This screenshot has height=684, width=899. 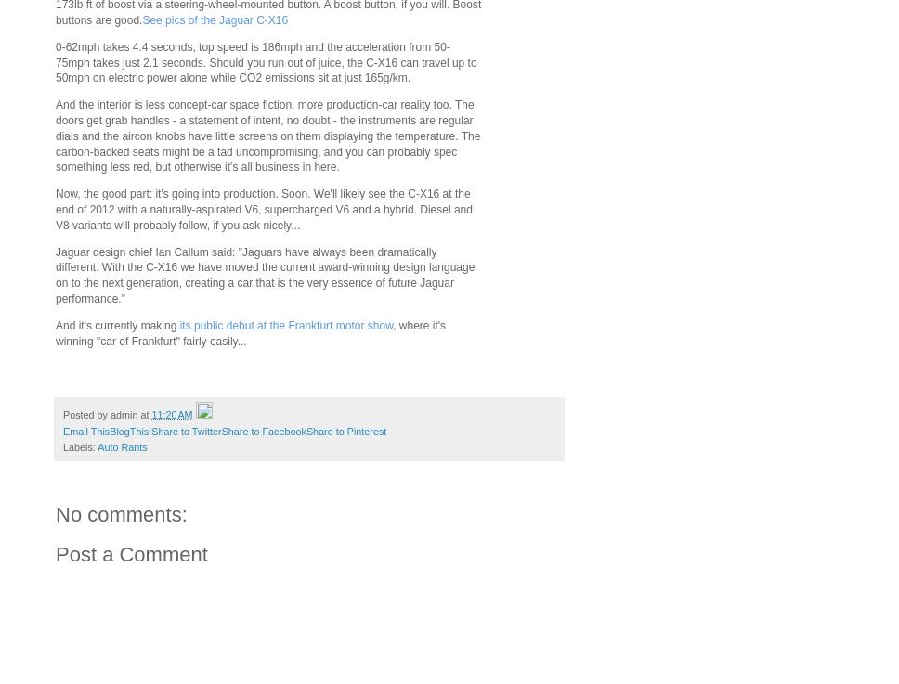 What do you see at coordinates (86, 431) in the screenshot?
I see `'Email This'` at bounding box center [86, 431].